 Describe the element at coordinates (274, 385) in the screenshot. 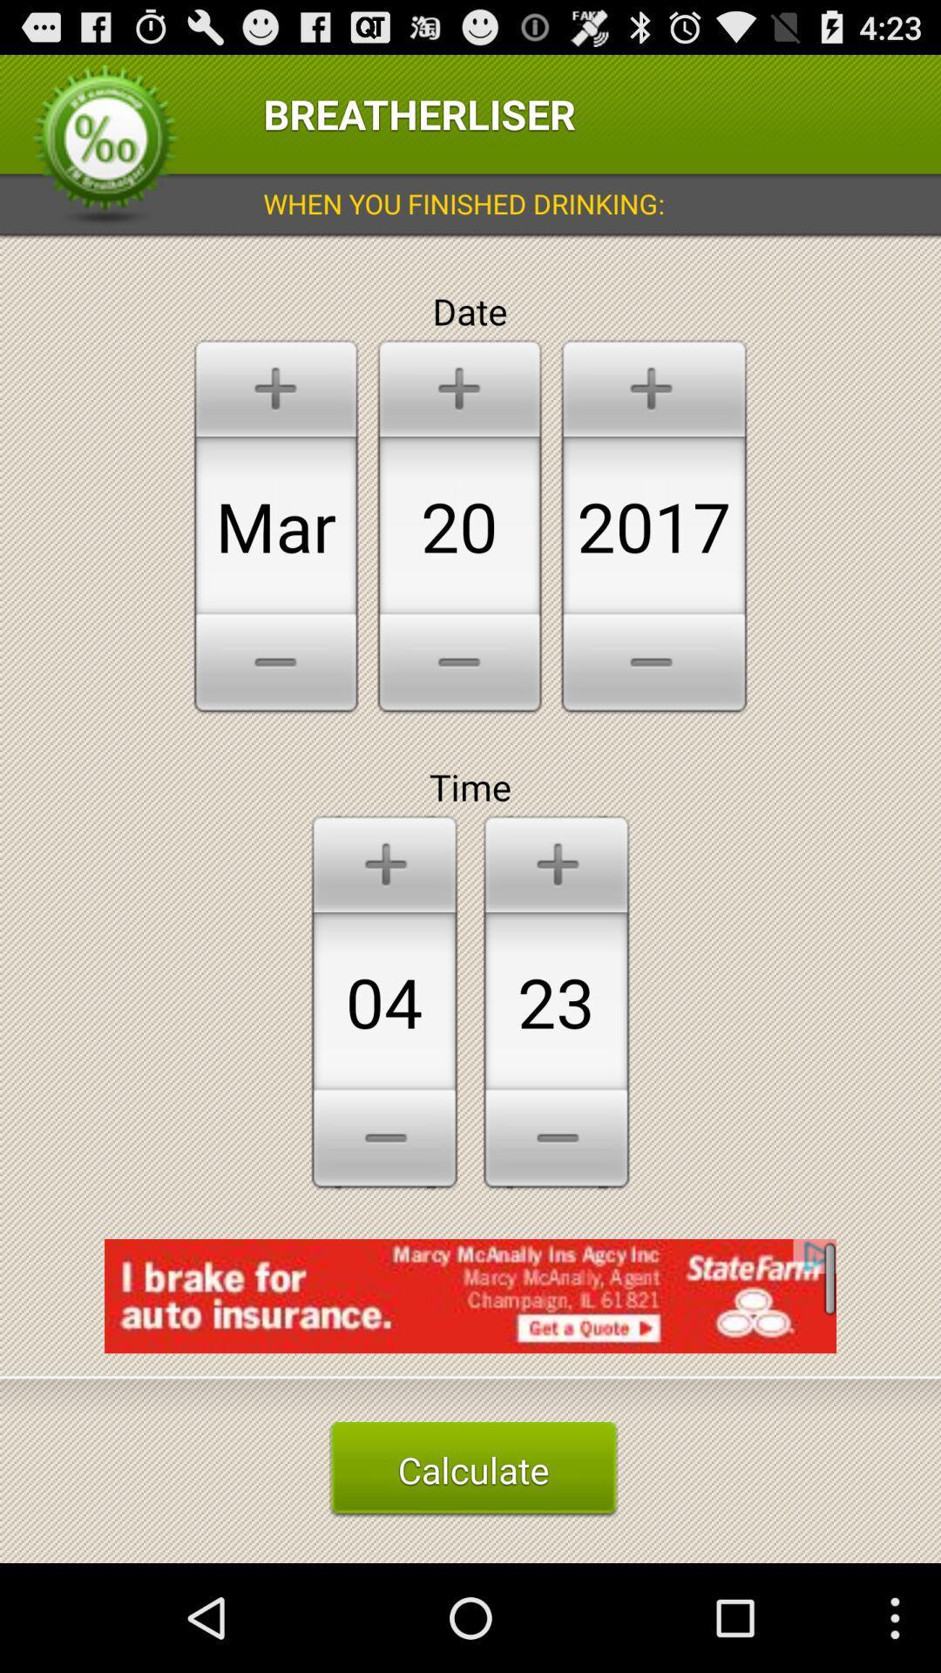

I see `plus icon on top of mar text` at that location.